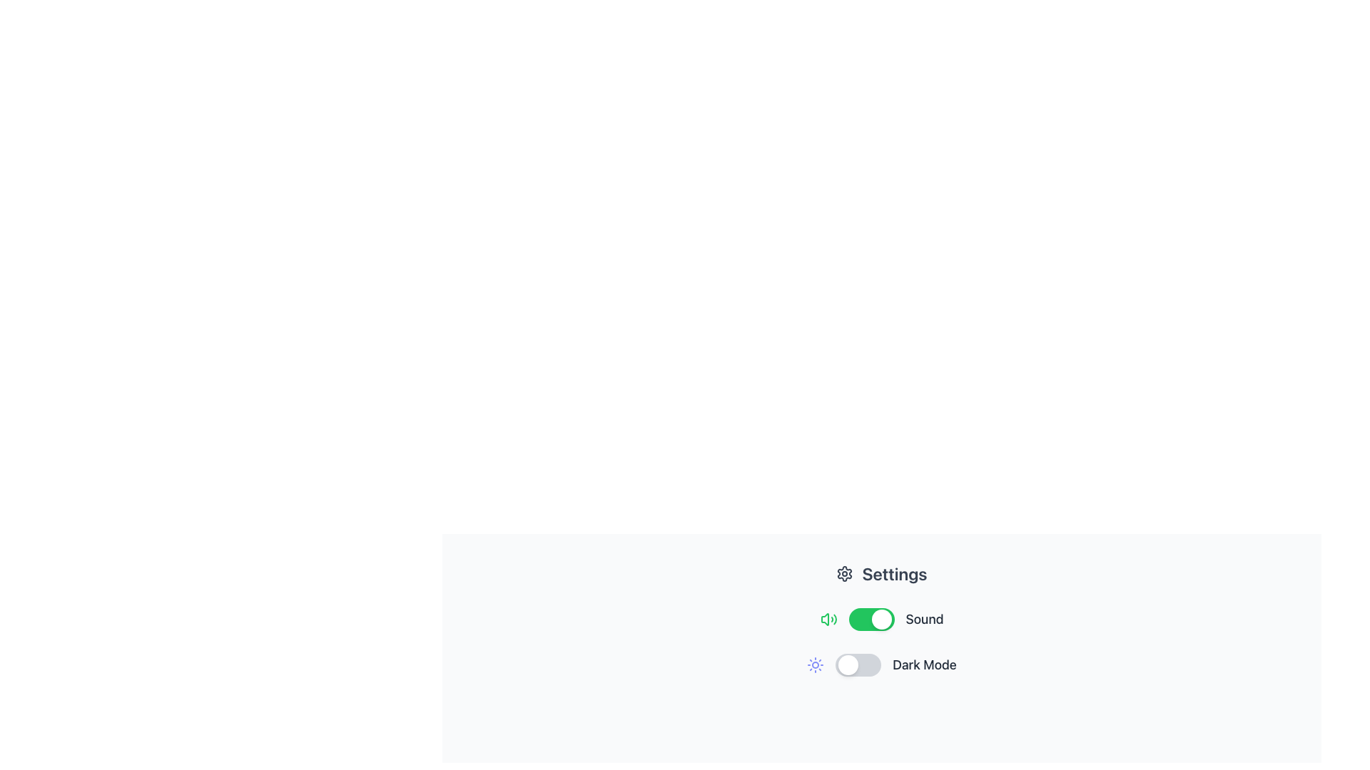 The height and width of the screenshot is (770, 1370). What do you see at coordinates (925, 618) in the screenshot?
I see `the text label 'Sound' which is part of a toggle switch interface, located to the right of the green toggle switch in the lower right area of the settings interface` at bounding box center [925, 618].